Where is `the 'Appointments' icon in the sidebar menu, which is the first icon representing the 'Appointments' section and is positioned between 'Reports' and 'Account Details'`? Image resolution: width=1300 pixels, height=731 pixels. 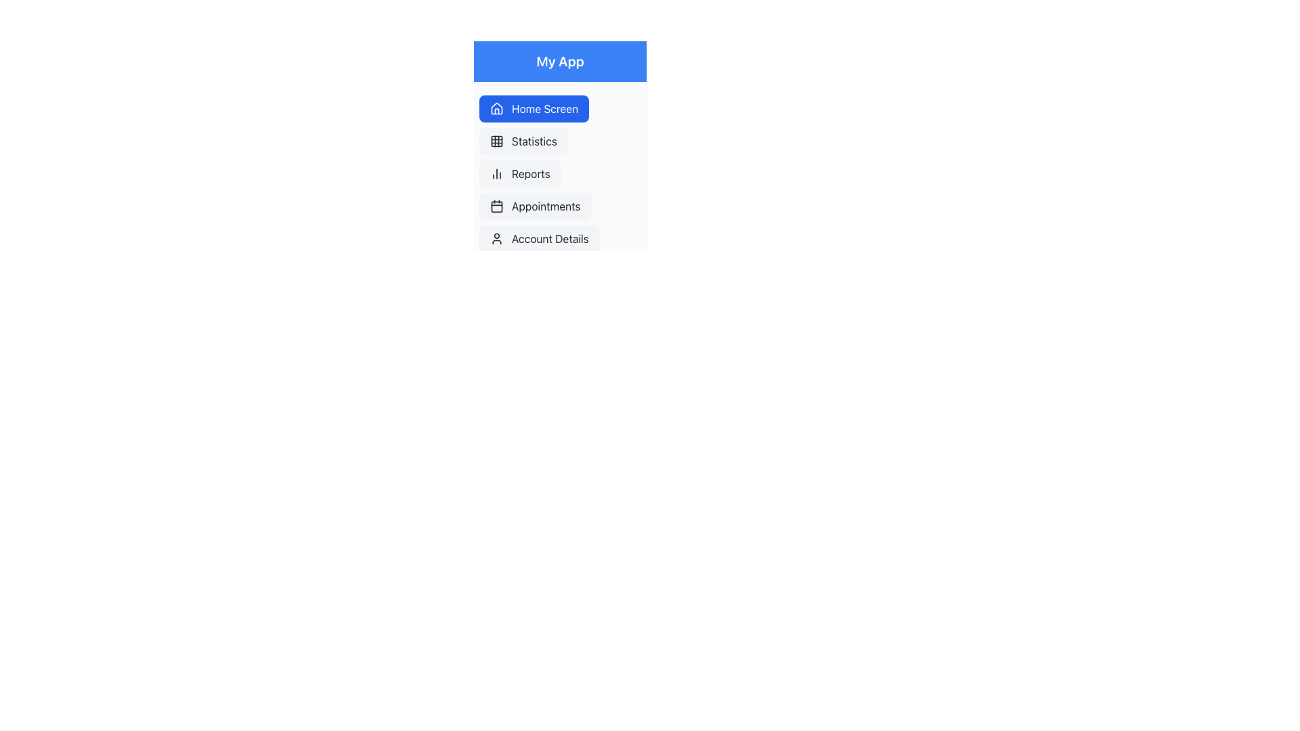 the 'Appointments' icon in the sidebar menu, which is the first icon representing the 'Appointments' section and is positioned between 'Reports' and 'Account Details' is located at coordinates (496, 206).